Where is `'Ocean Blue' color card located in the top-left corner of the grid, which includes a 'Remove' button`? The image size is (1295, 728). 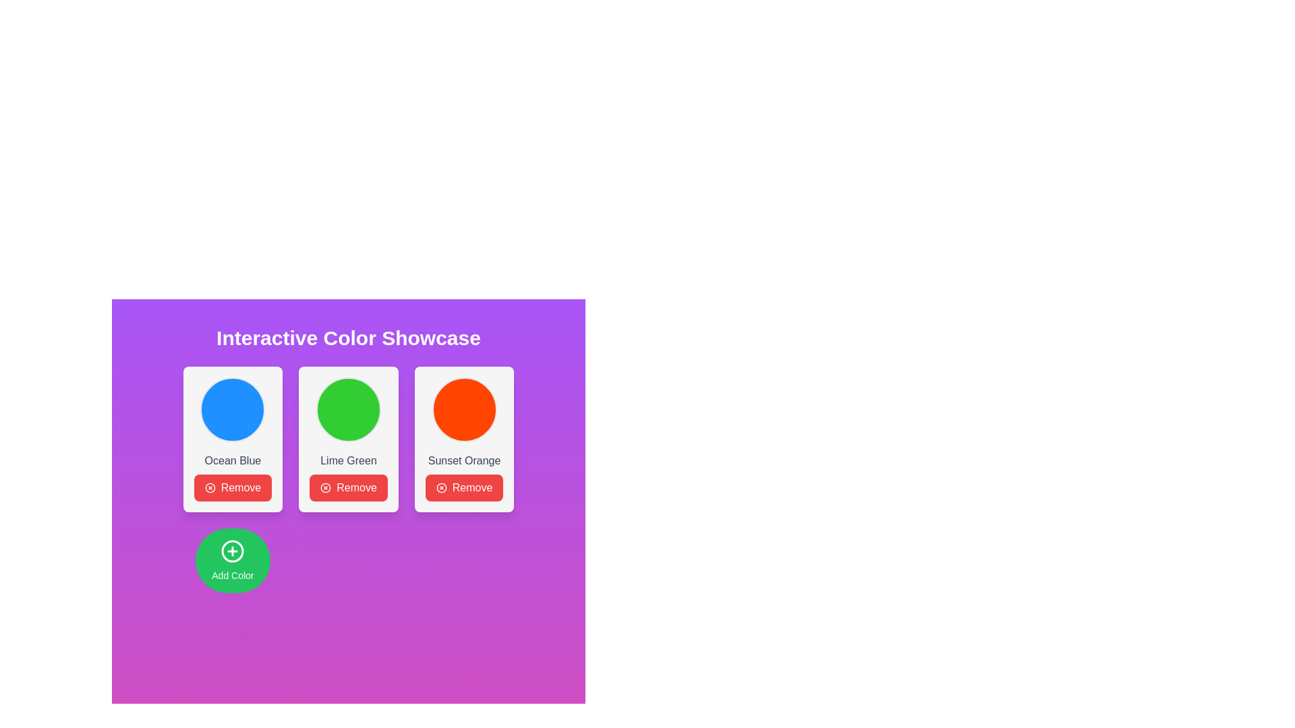 'Ocean Blue' color card located in the top-left corner of the grid, which includes a 'Remove' button is located at coordinates (233, 439).